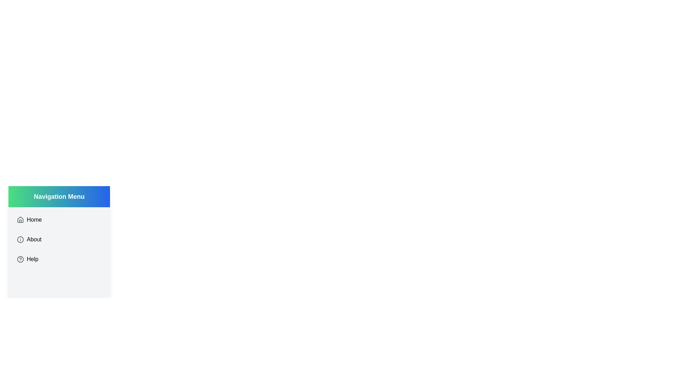 This screenshot has height=380, width=677. Describe the element at coordinates (20, 219) in the screenshot. I see `the house icon located at the top of the vertical navigation menu` at that location.